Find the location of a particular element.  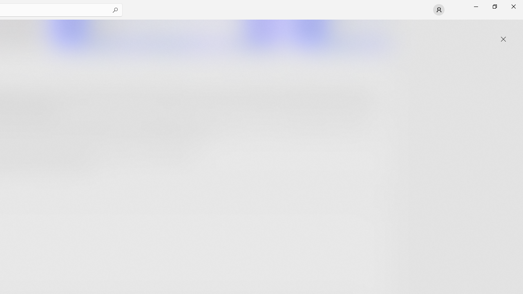

'Minimize Microsoft Store' is located at coordinates (476, 6).